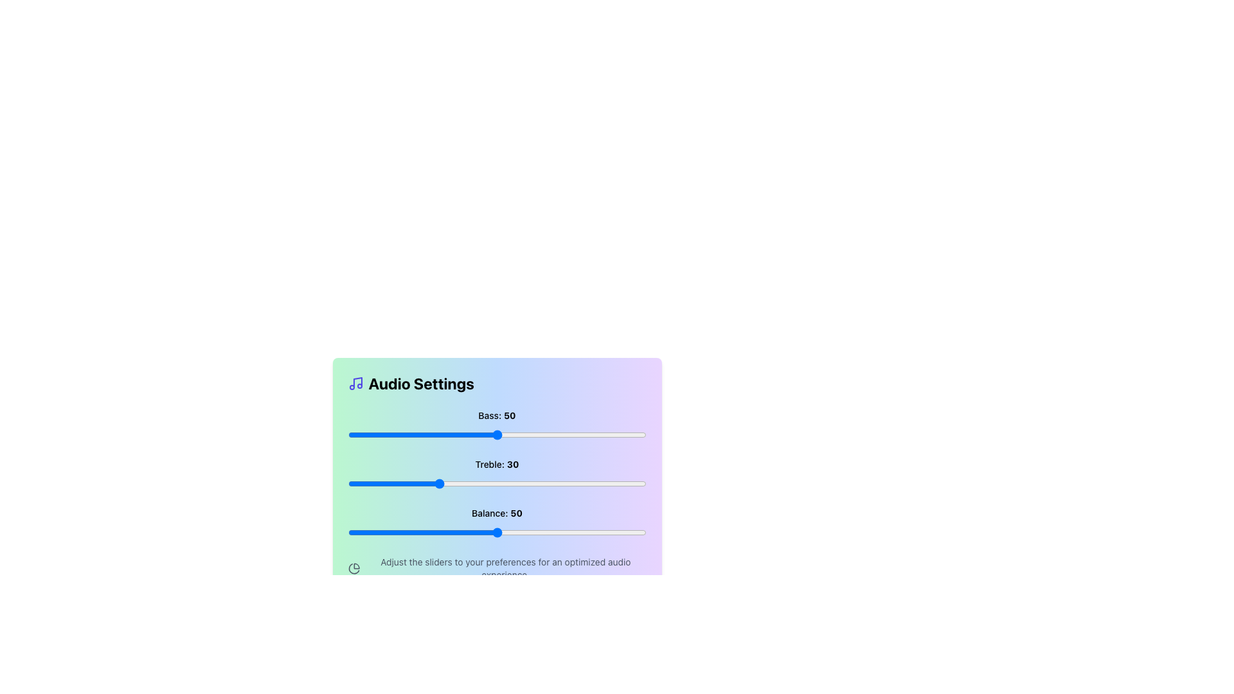 This screenshot has height=694, width=1234. What do you see at coordinates (637, 434) in the screenshot?
I see `the bass` at bounding box center [637, 434].